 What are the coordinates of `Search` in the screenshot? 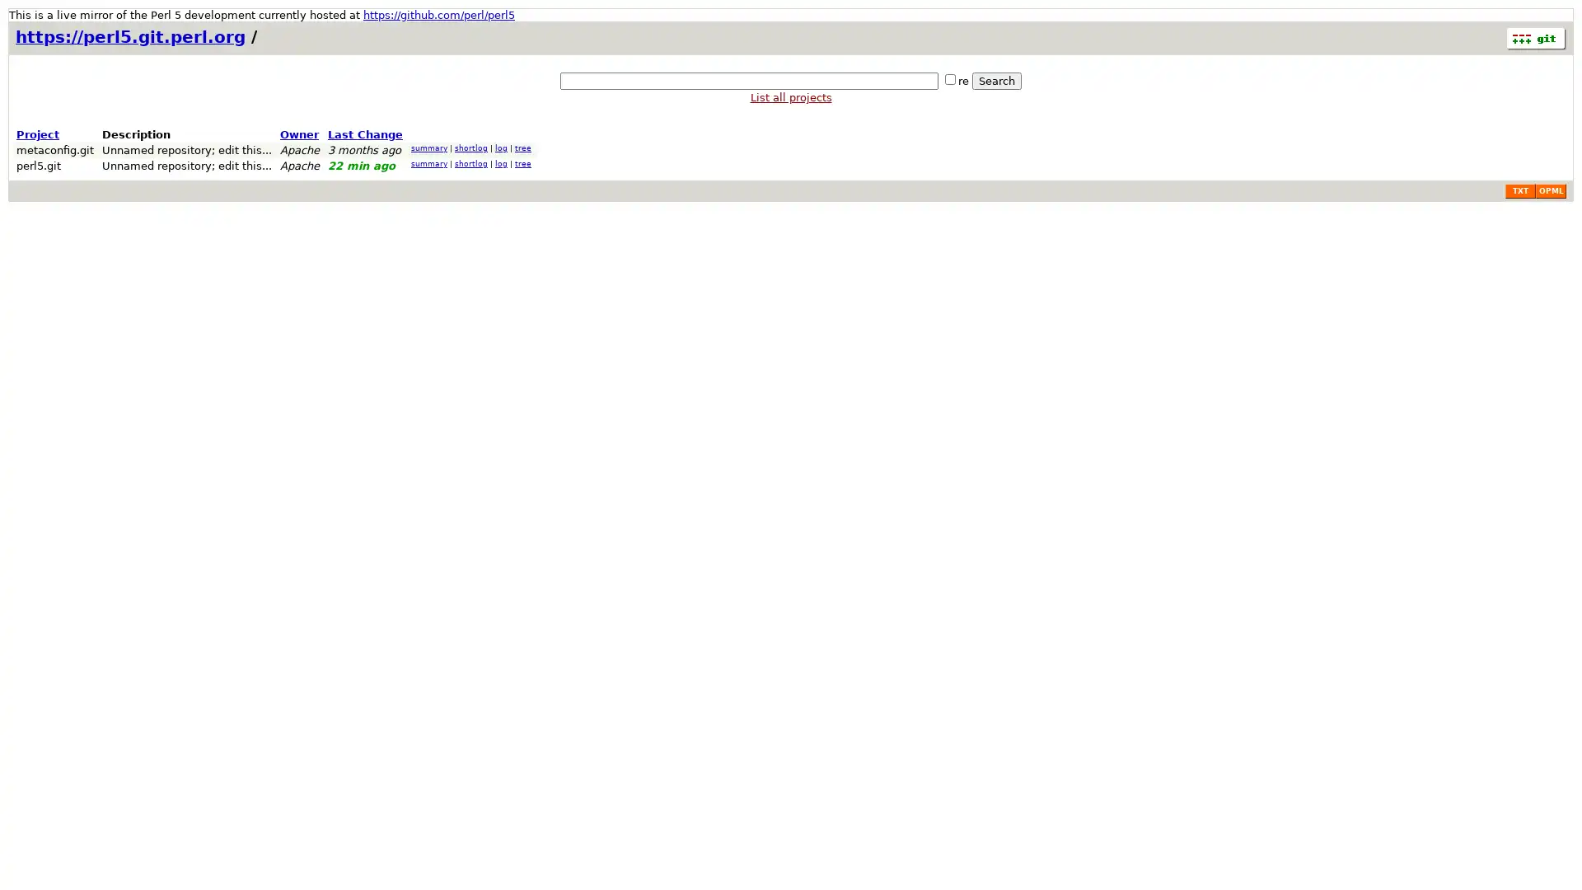 It's located at (995, 81).